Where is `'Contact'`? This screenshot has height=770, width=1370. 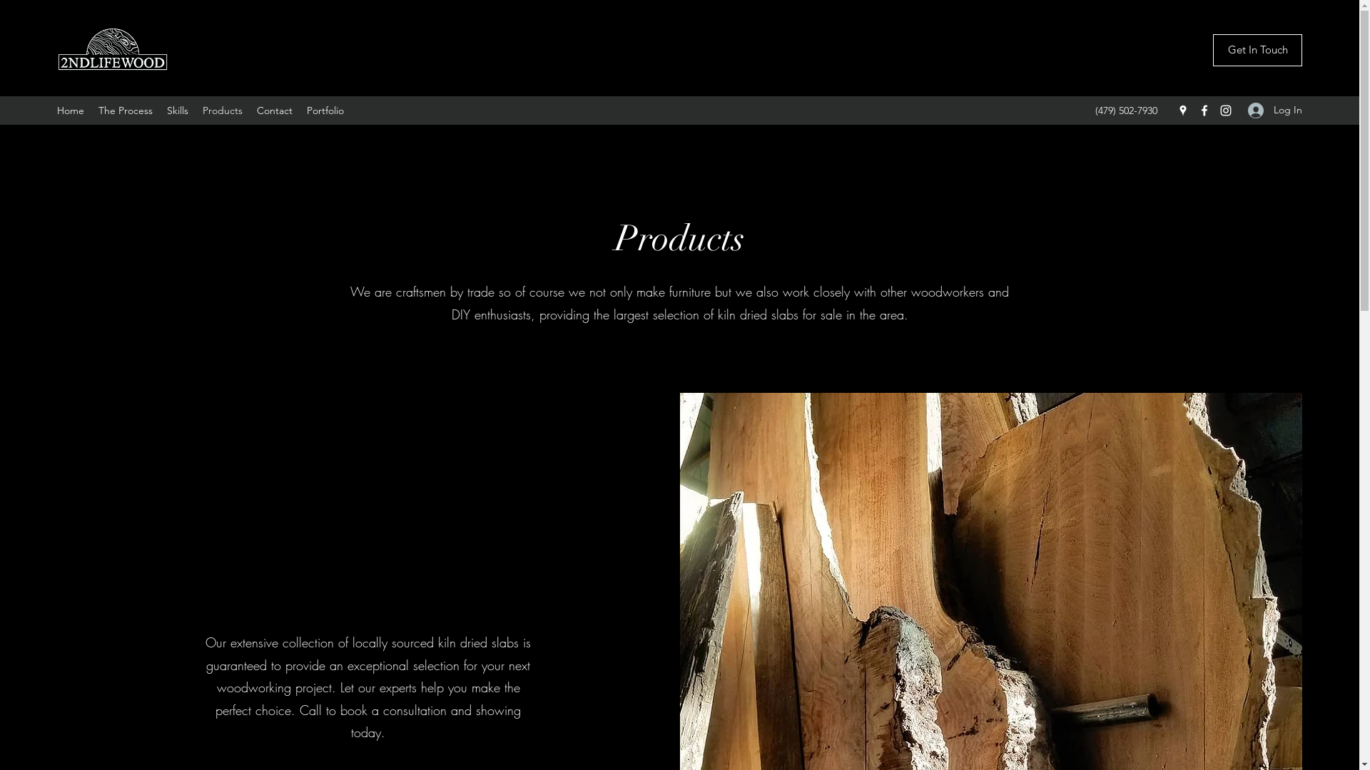 'Contact' is located at coordinates (250, 109).